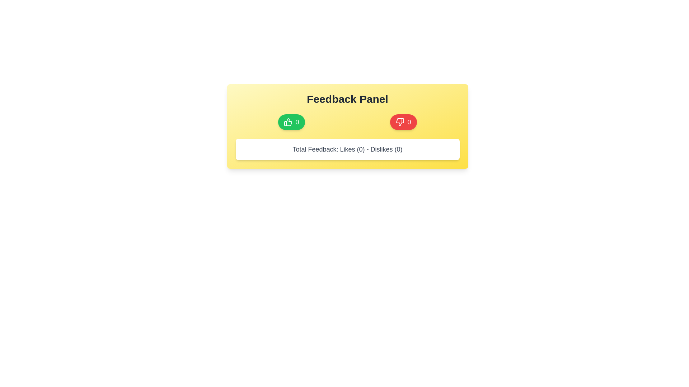 This screenshot has height=387, width=689. I want to click on the green button displaying the digit '0' to increment the count in the feedback control group, so click(297, 121).